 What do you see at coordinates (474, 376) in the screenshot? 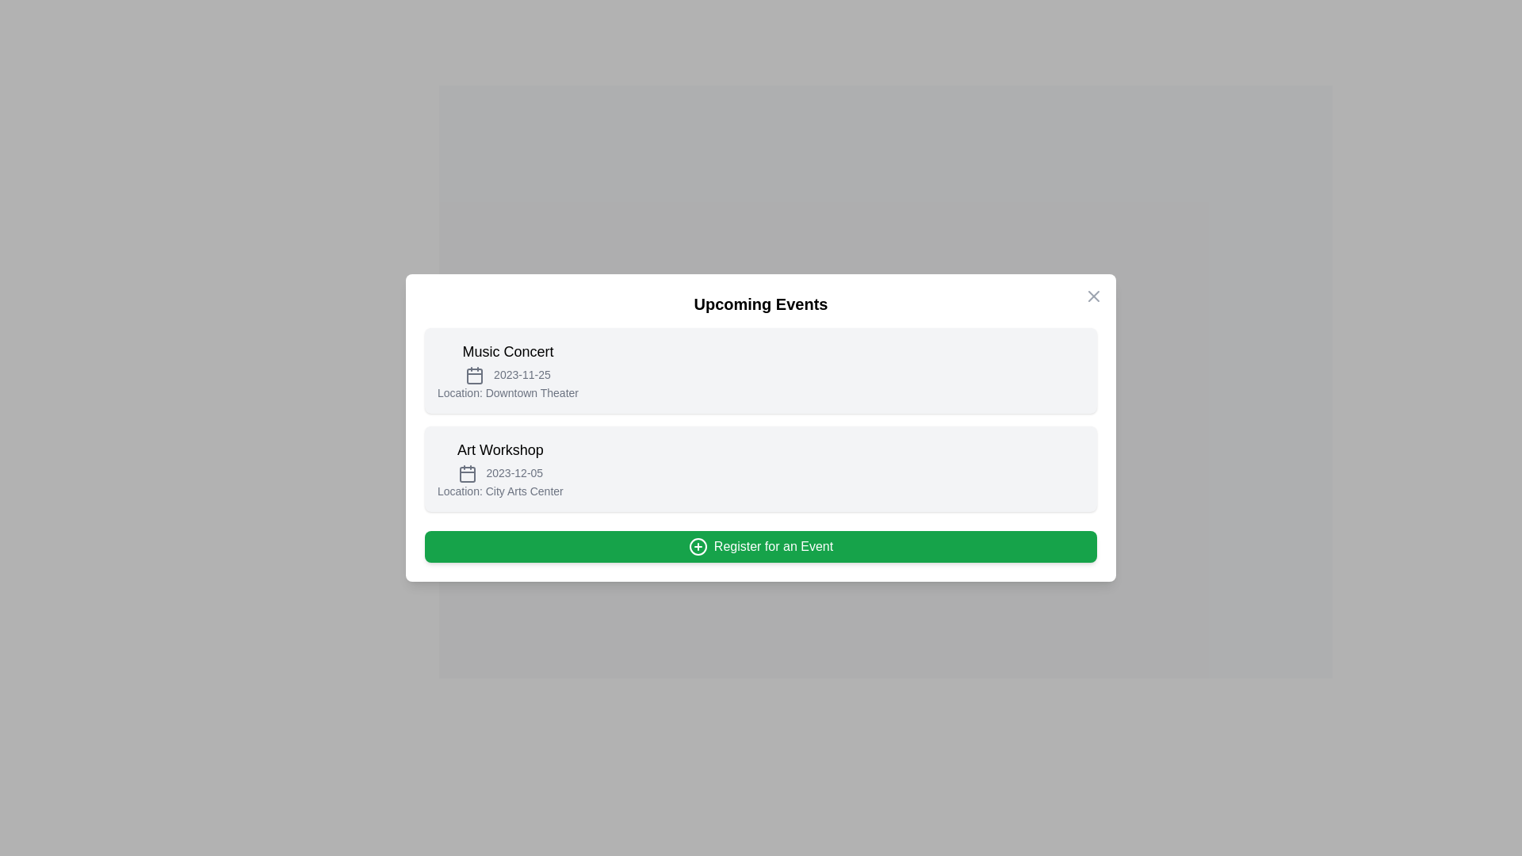
I see `the small rectangle with rounded corners that represents the body of the calendar icon, located left of the date '2023-11-25' in the 'Upcoming Events' list` at bounding box center [474, 376].